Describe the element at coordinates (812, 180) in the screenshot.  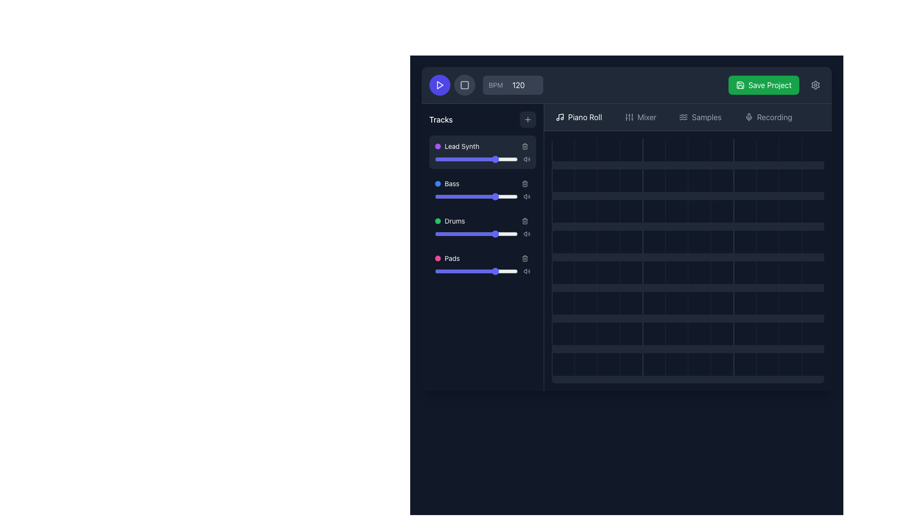
I see `the 12th tile in the second row of the grid layout, which serves as a selectable option within the interface` at that location.